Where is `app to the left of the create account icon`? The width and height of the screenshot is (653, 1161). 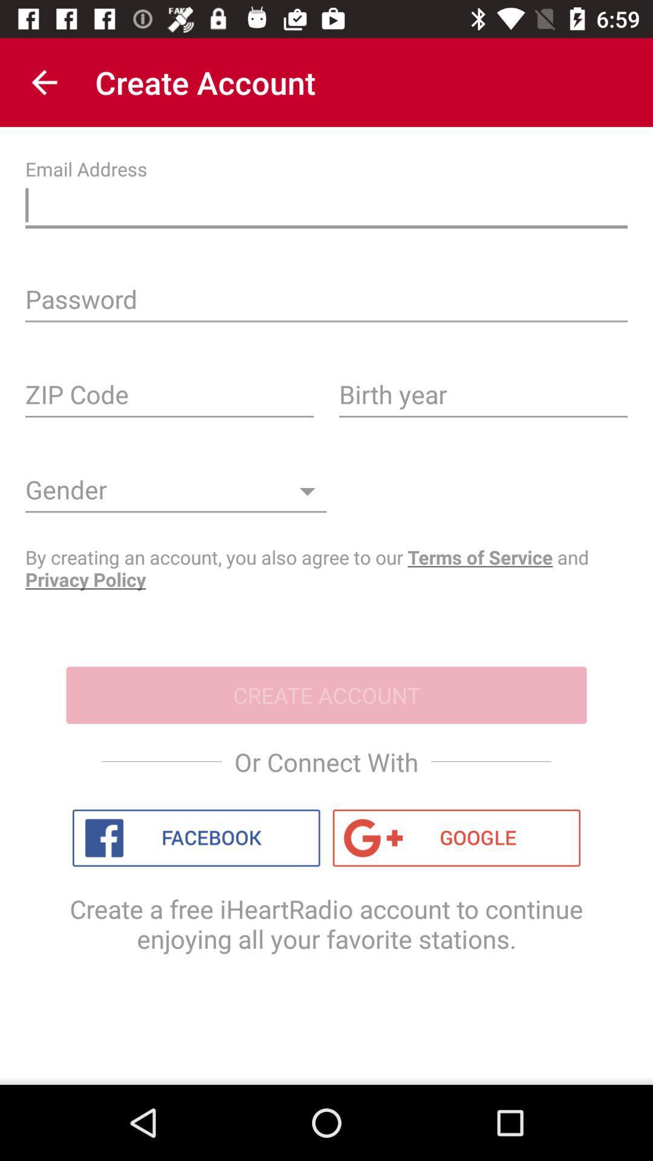 app to the left of the create account icon is located at coordinates (44, 82).